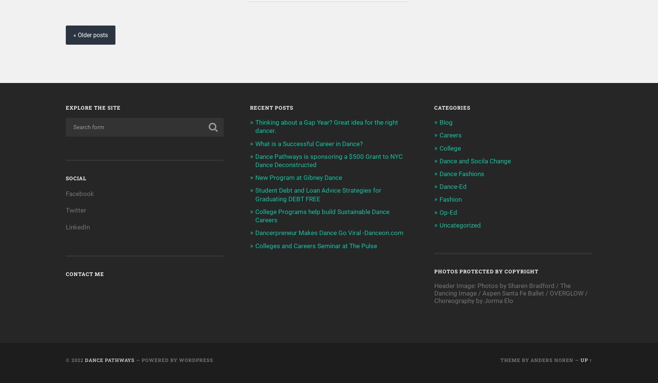 The height and width of the screenshot is (383, 658). Describe the element at coordinates (511, 292) in the screenshot. I see `'Header Image: Photos by Sharen Bradford / The Dancing Image / Aspen Santa Fe Ballet / OVERGLOW / Choreography by Jorma Elo'` at that location.